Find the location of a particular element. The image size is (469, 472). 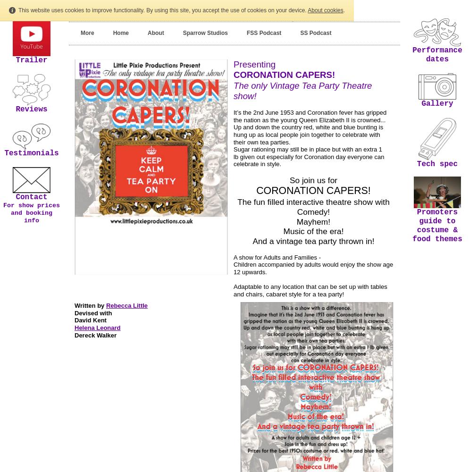

'Performance dates' is located at coordinates (412, 54).